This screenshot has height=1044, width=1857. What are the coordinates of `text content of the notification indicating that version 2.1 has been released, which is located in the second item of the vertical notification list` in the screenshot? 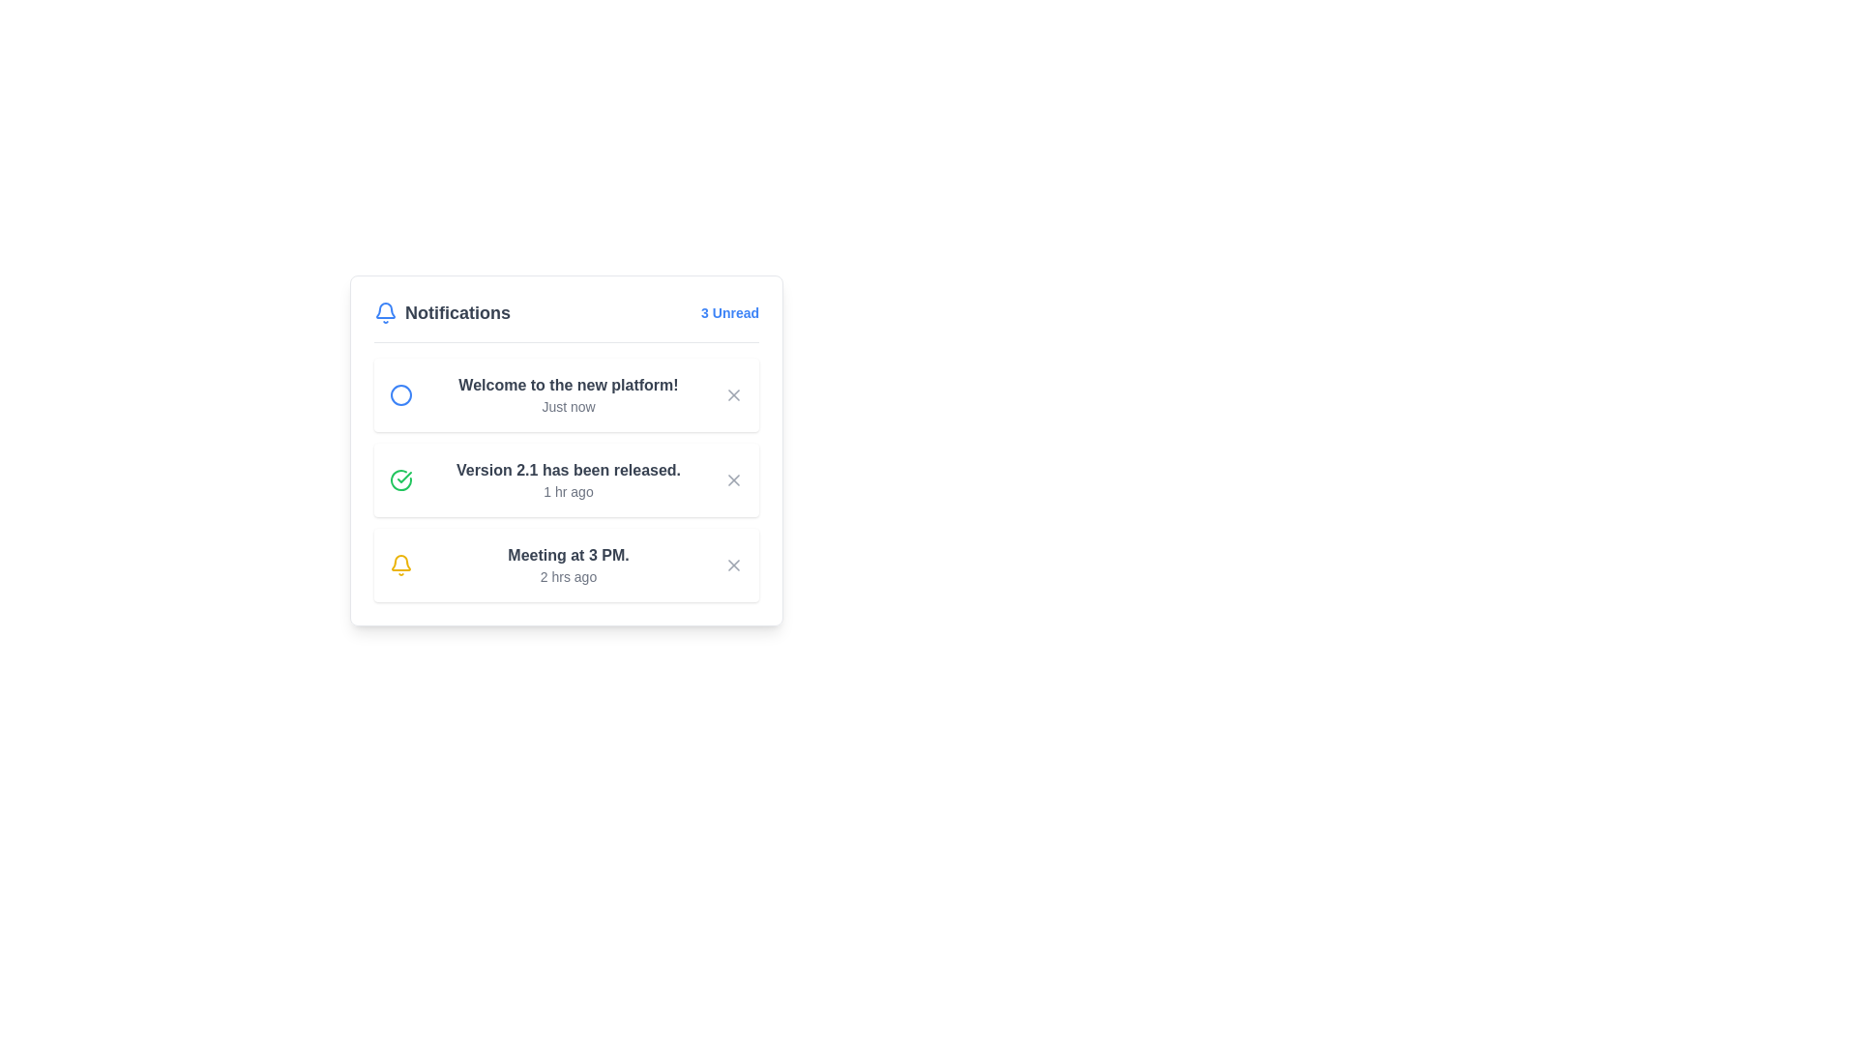 It's located at (568, 470).